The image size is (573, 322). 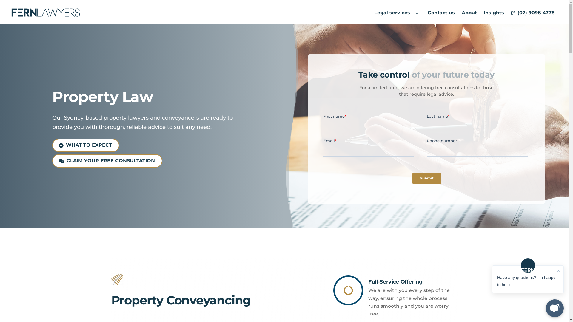 I want to click on 'Form 0', so click(x=426, y=151).